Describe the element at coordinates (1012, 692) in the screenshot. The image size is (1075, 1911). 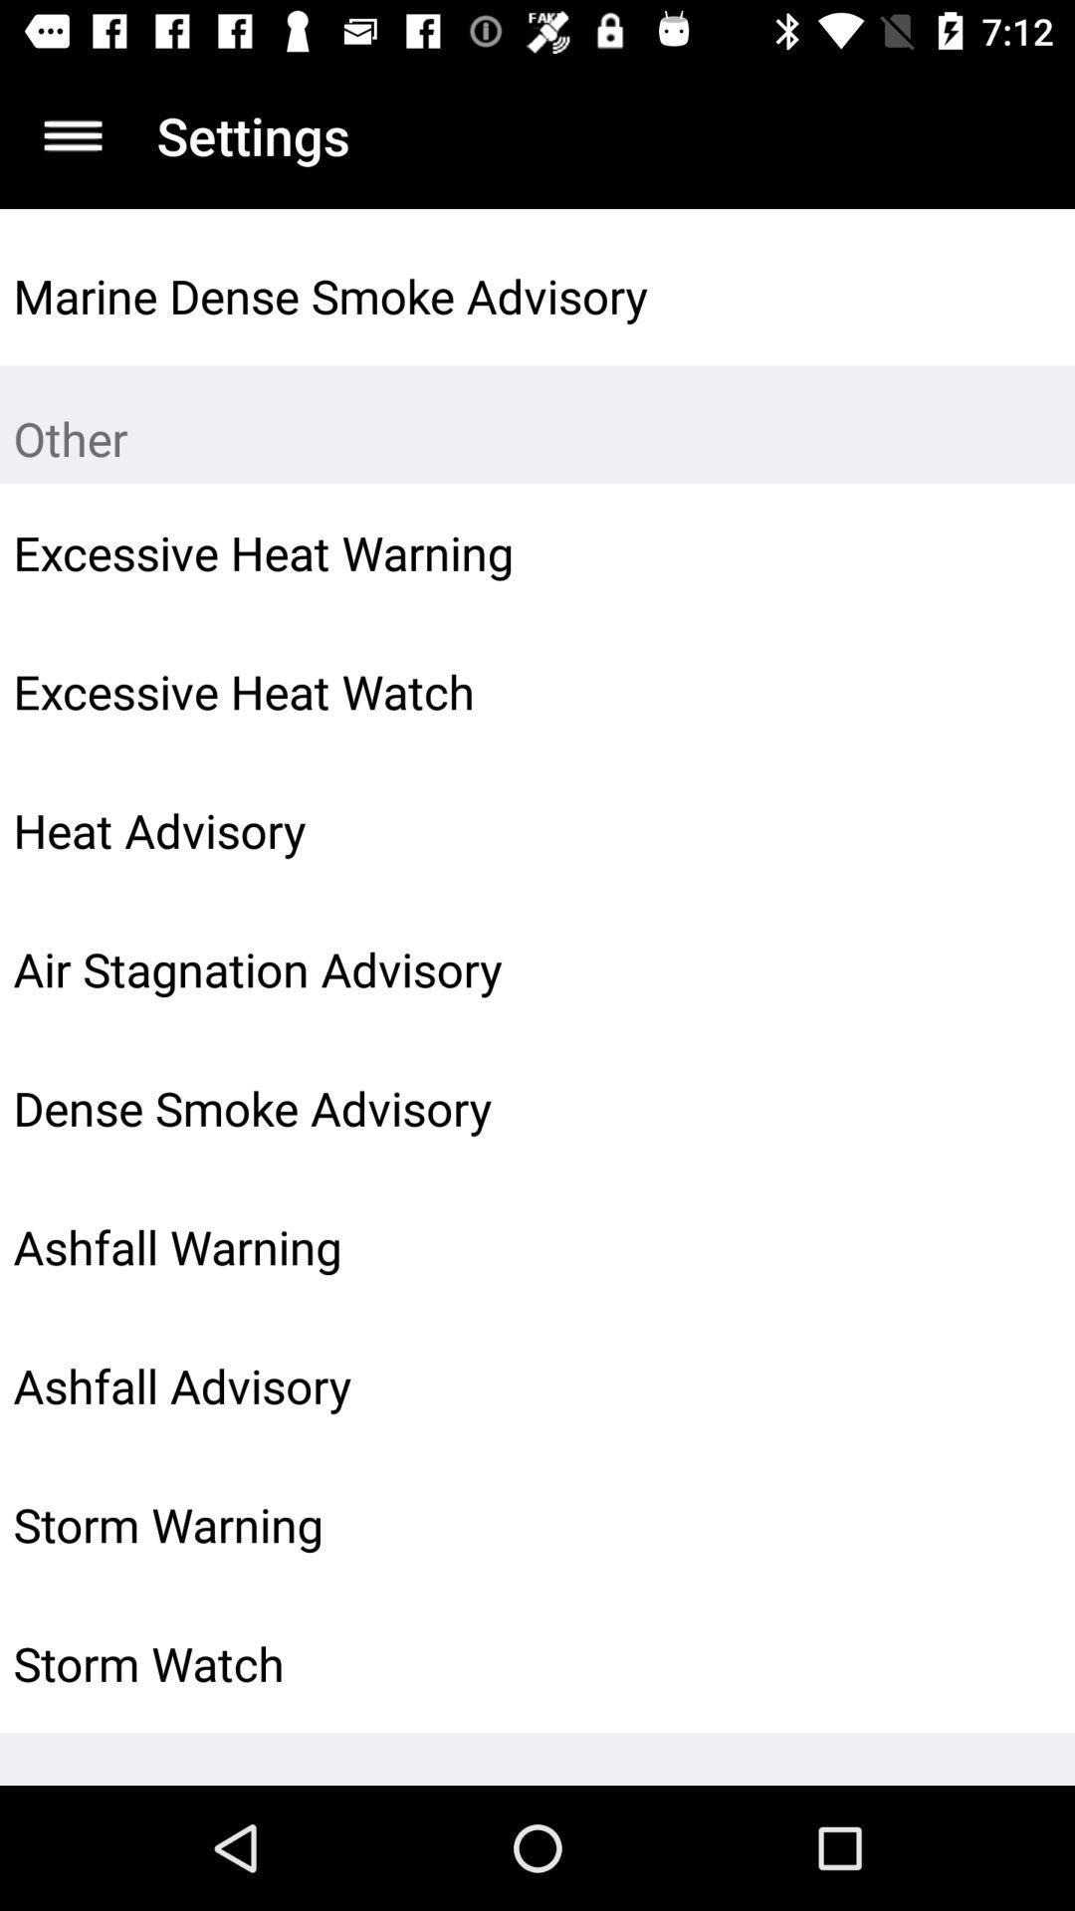
I see `item next to excessive heat watch` at that location.